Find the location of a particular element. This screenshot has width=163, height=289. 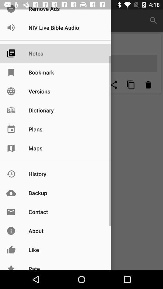

zoom page is located at coordinates (130, 85).